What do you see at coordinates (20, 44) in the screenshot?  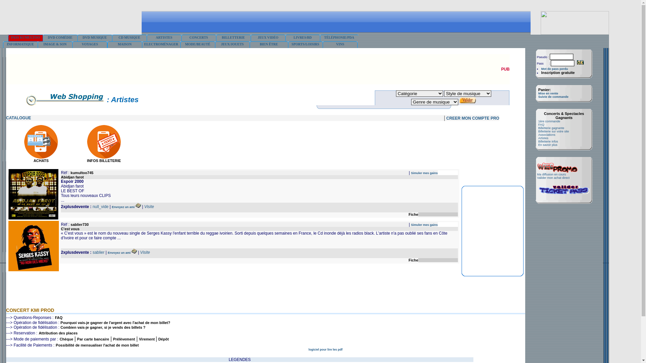 I see `'INFORMATIQUE'` at bounding box center [20, 44].